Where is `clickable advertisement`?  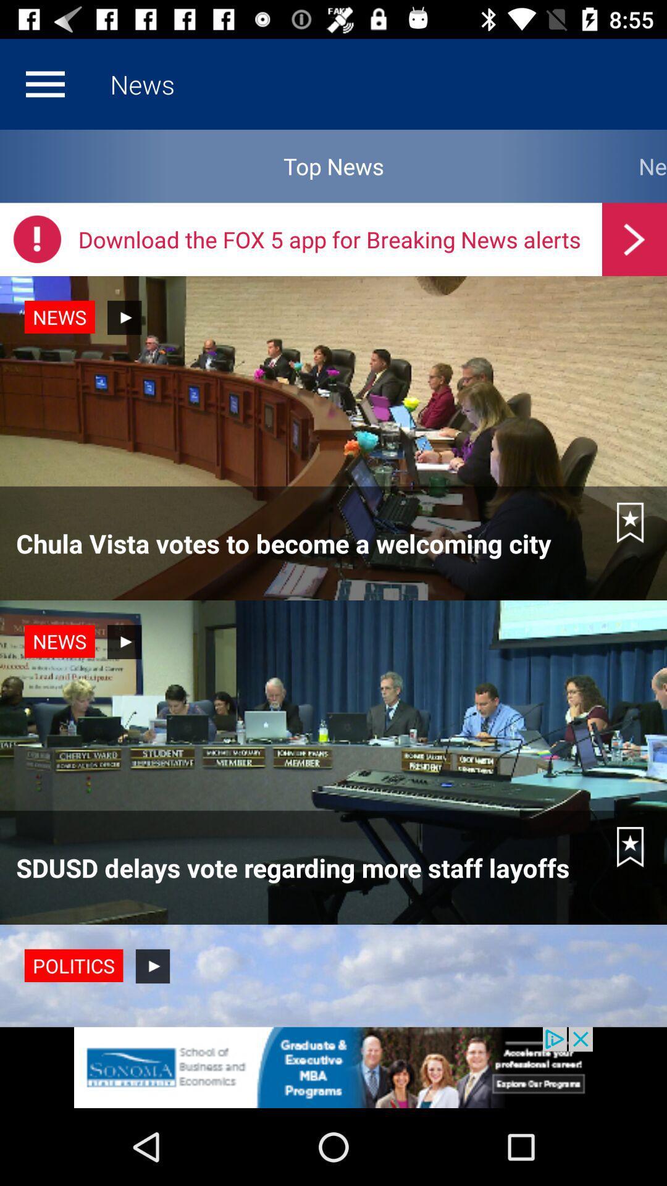
clickable advertisement is located at coordinates (333, 1067).